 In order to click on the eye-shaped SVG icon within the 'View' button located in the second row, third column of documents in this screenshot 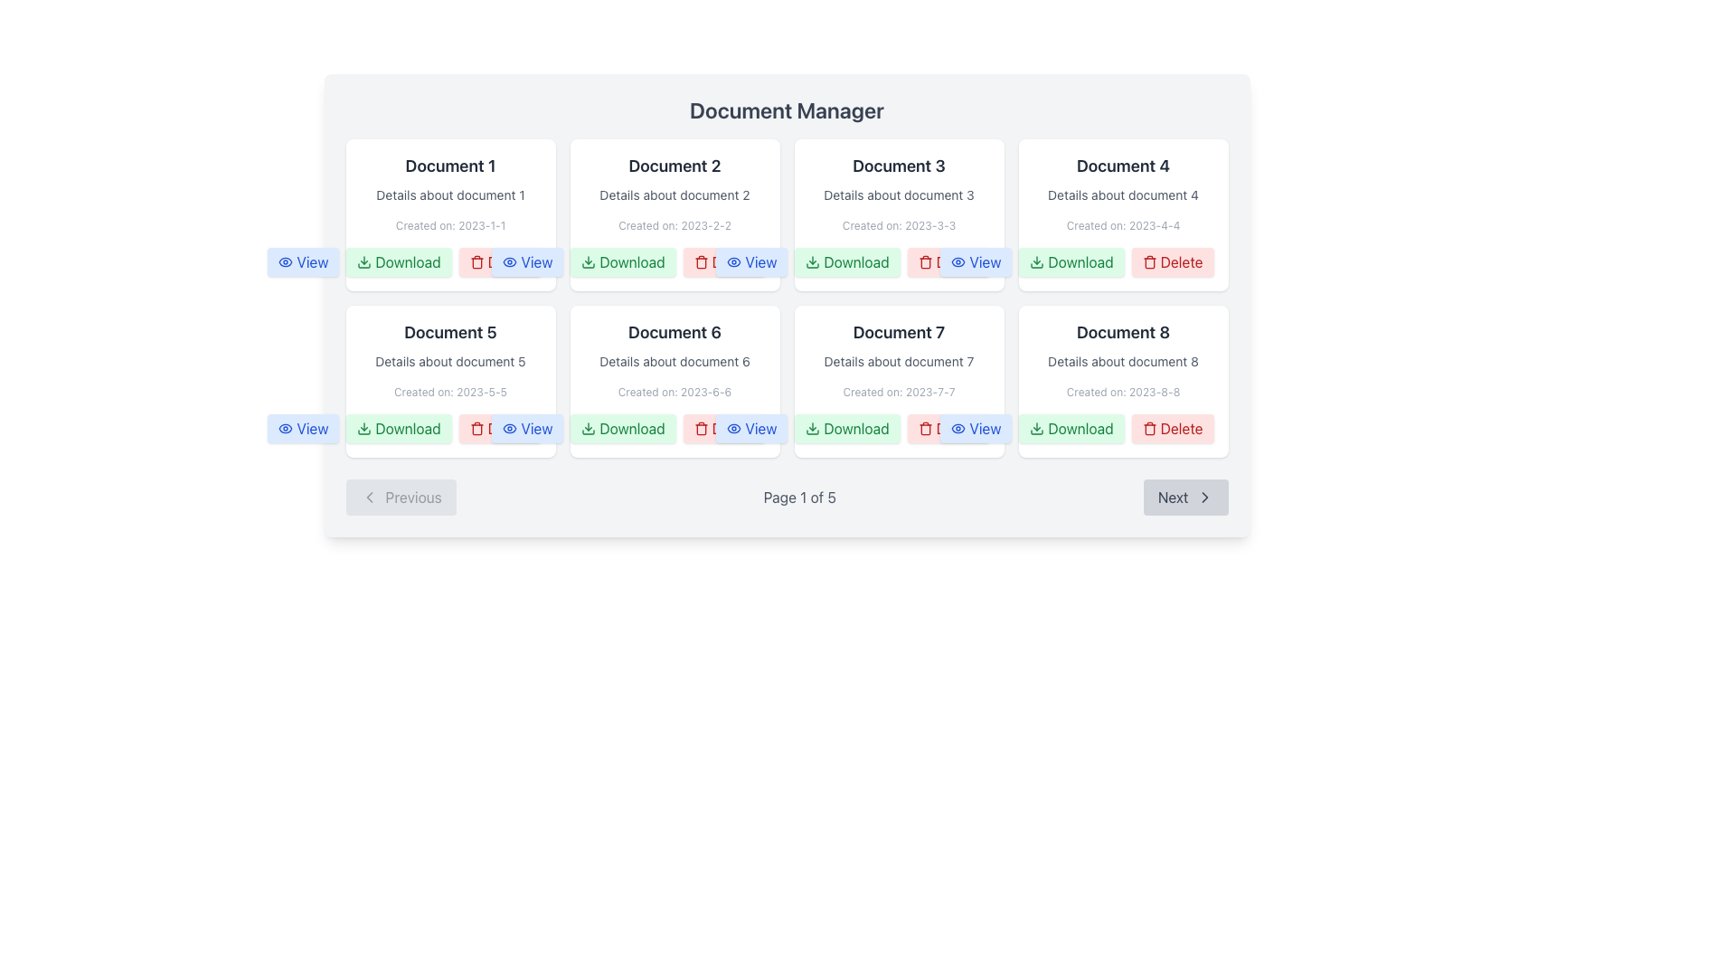, I will do `click(734, 429)`.